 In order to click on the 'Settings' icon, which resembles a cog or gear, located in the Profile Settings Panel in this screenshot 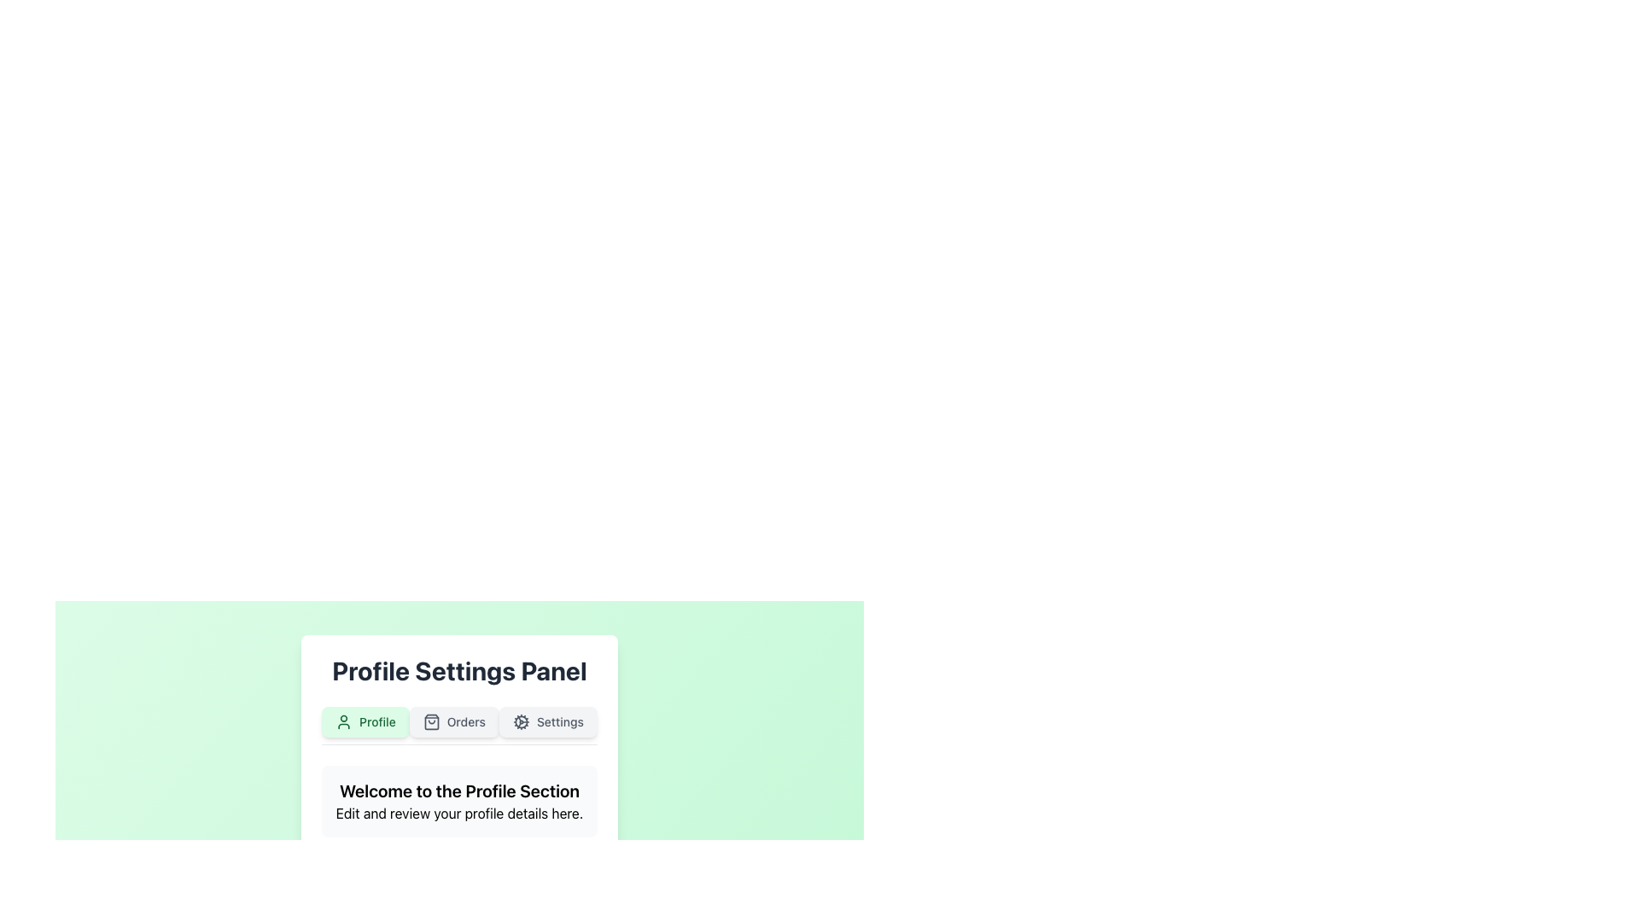, I will do `click(520, 721)`.